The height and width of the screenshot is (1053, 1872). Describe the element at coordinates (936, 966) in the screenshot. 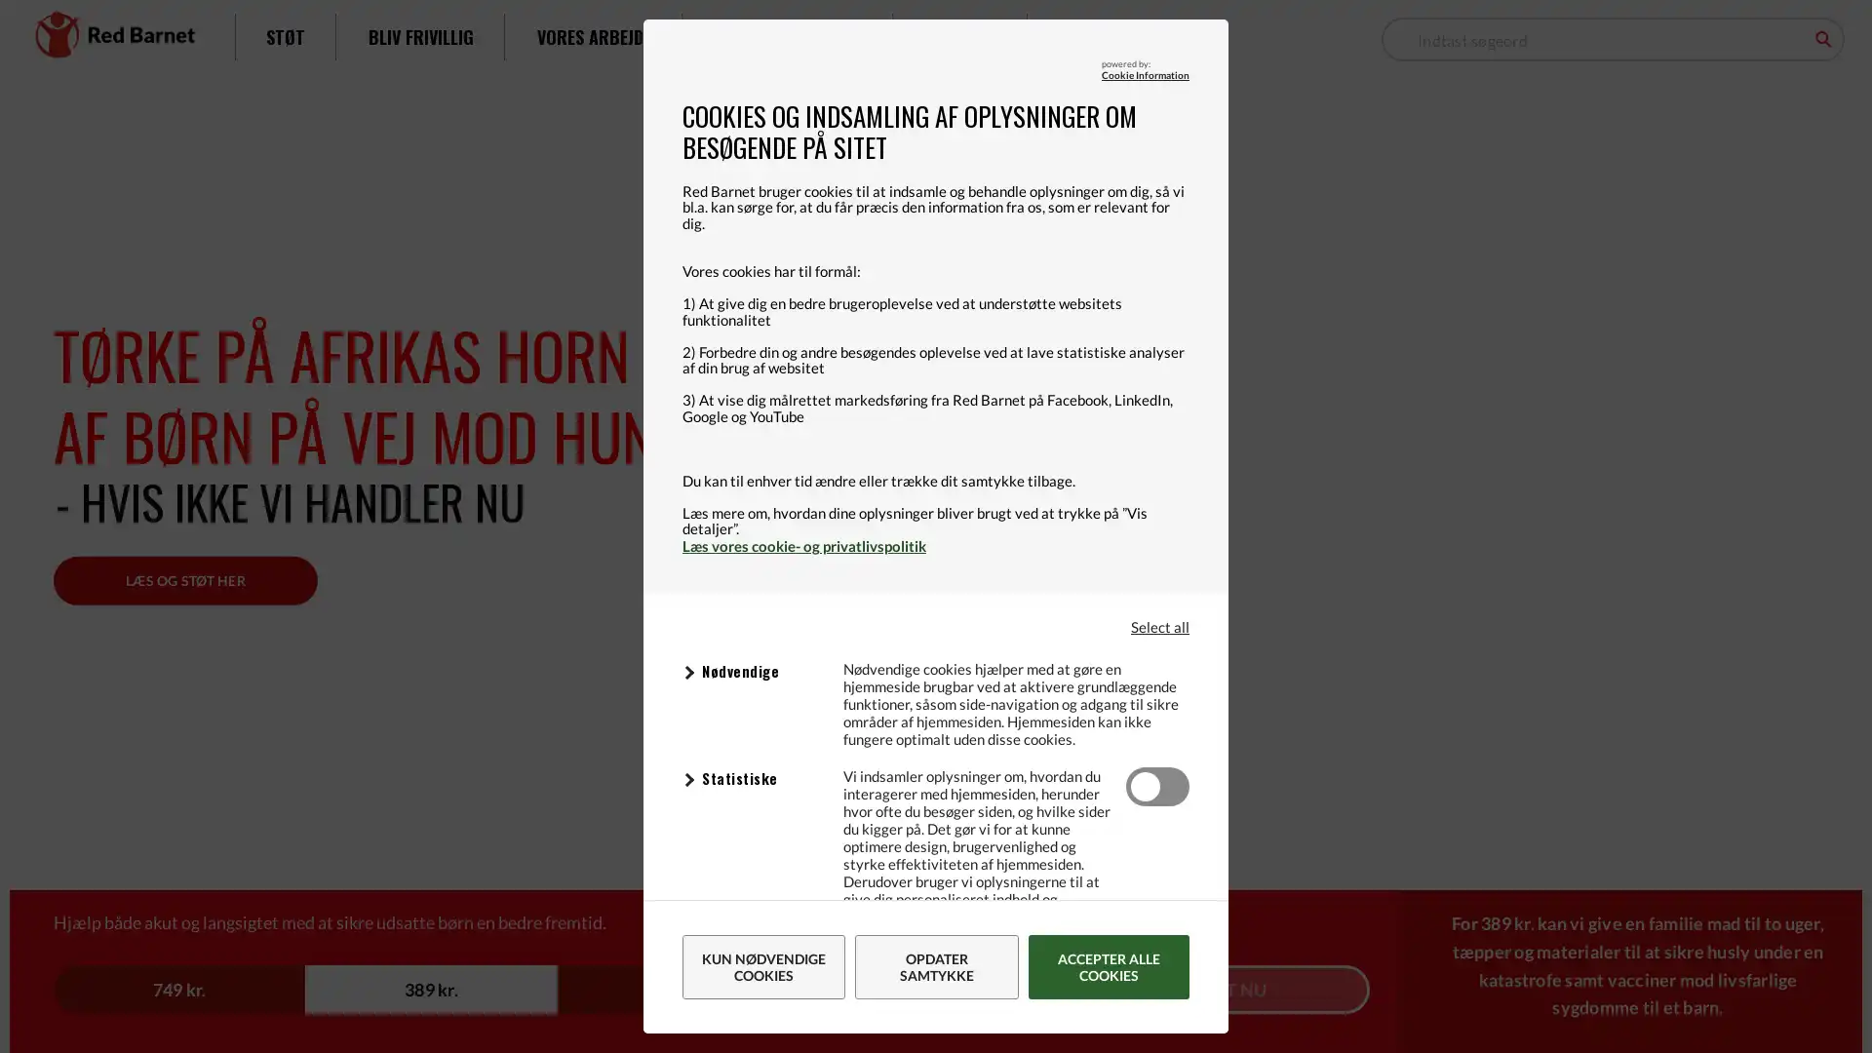

I see `Opdater samtykke` at that location.